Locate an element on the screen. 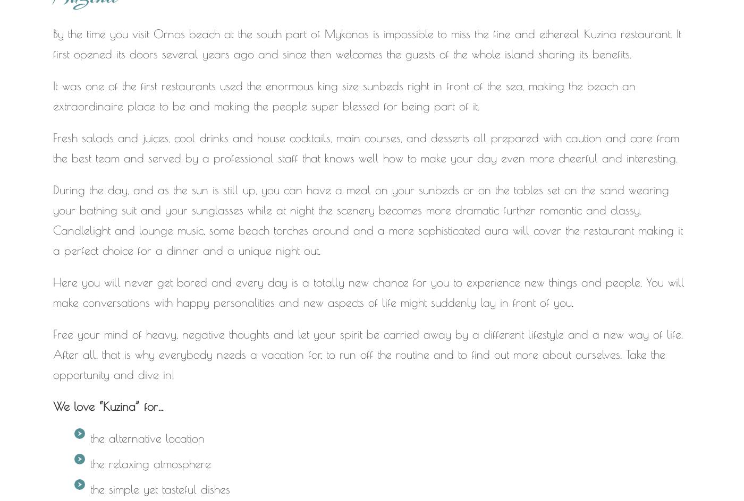 The image size is (744, 501). 'During the day, and as the sun is still up, you can have a meal on your sunbeds or on the tables set on the sand wearing your bathing suit and your sunglasses while at night the scenery becomes more dramatic further romantic and classy. Candlelight and lounge music, some beach torches around and a more sophisticated aura will cover the restaurant making it a perfect choice for a dinner and a unique night out.' is located at coordinates (368, 219).